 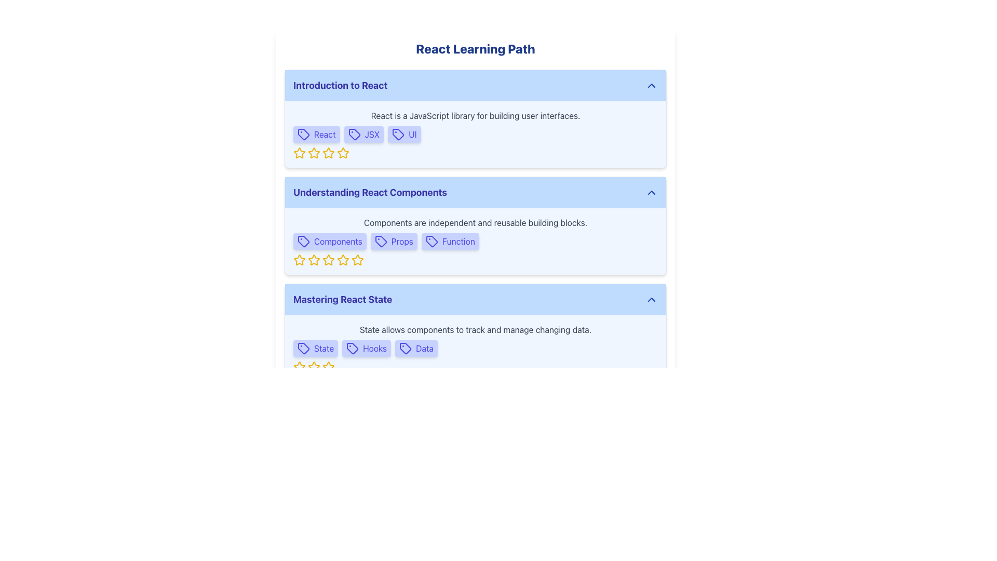 What do you see at coordinates (328, 366) in the screenshot?
I see `the third star icon, which is part of a five-star rating system in the section titled 'Mastering React State'` at bounding box center [328, 366].